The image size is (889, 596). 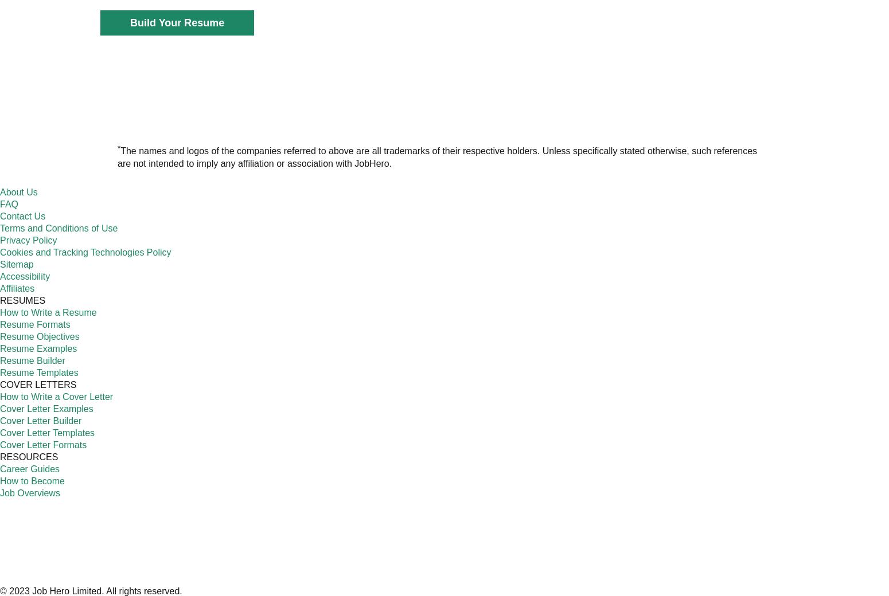 What do you see at coordinates (458, 203) in the screenshot?
I see `'Process Engineer Examples'` at bounding box center [458, 203].